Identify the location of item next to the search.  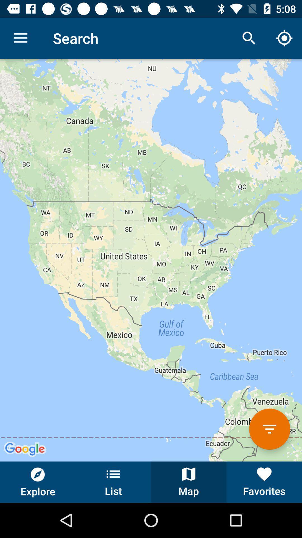
(20, 38).